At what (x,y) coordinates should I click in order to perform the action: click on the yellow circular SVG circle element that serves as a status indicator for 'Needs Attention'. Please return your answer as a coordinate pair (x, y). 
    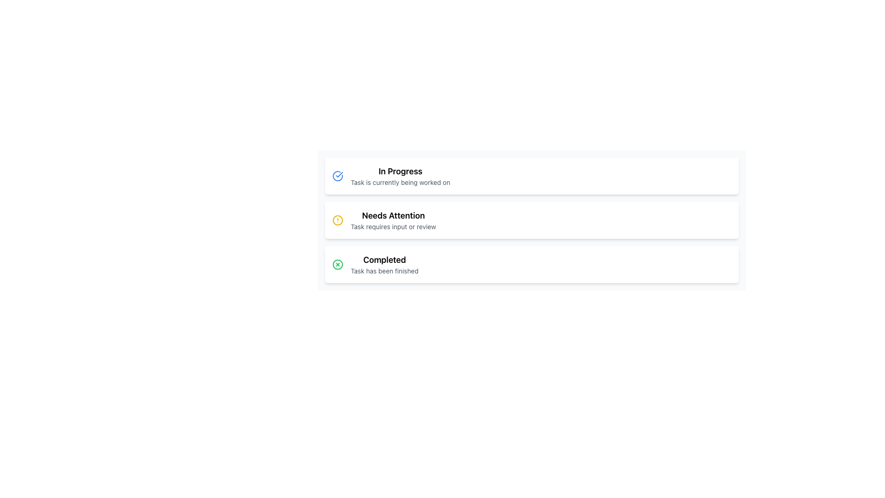
    Looking at the image, I should click on (337, 220).